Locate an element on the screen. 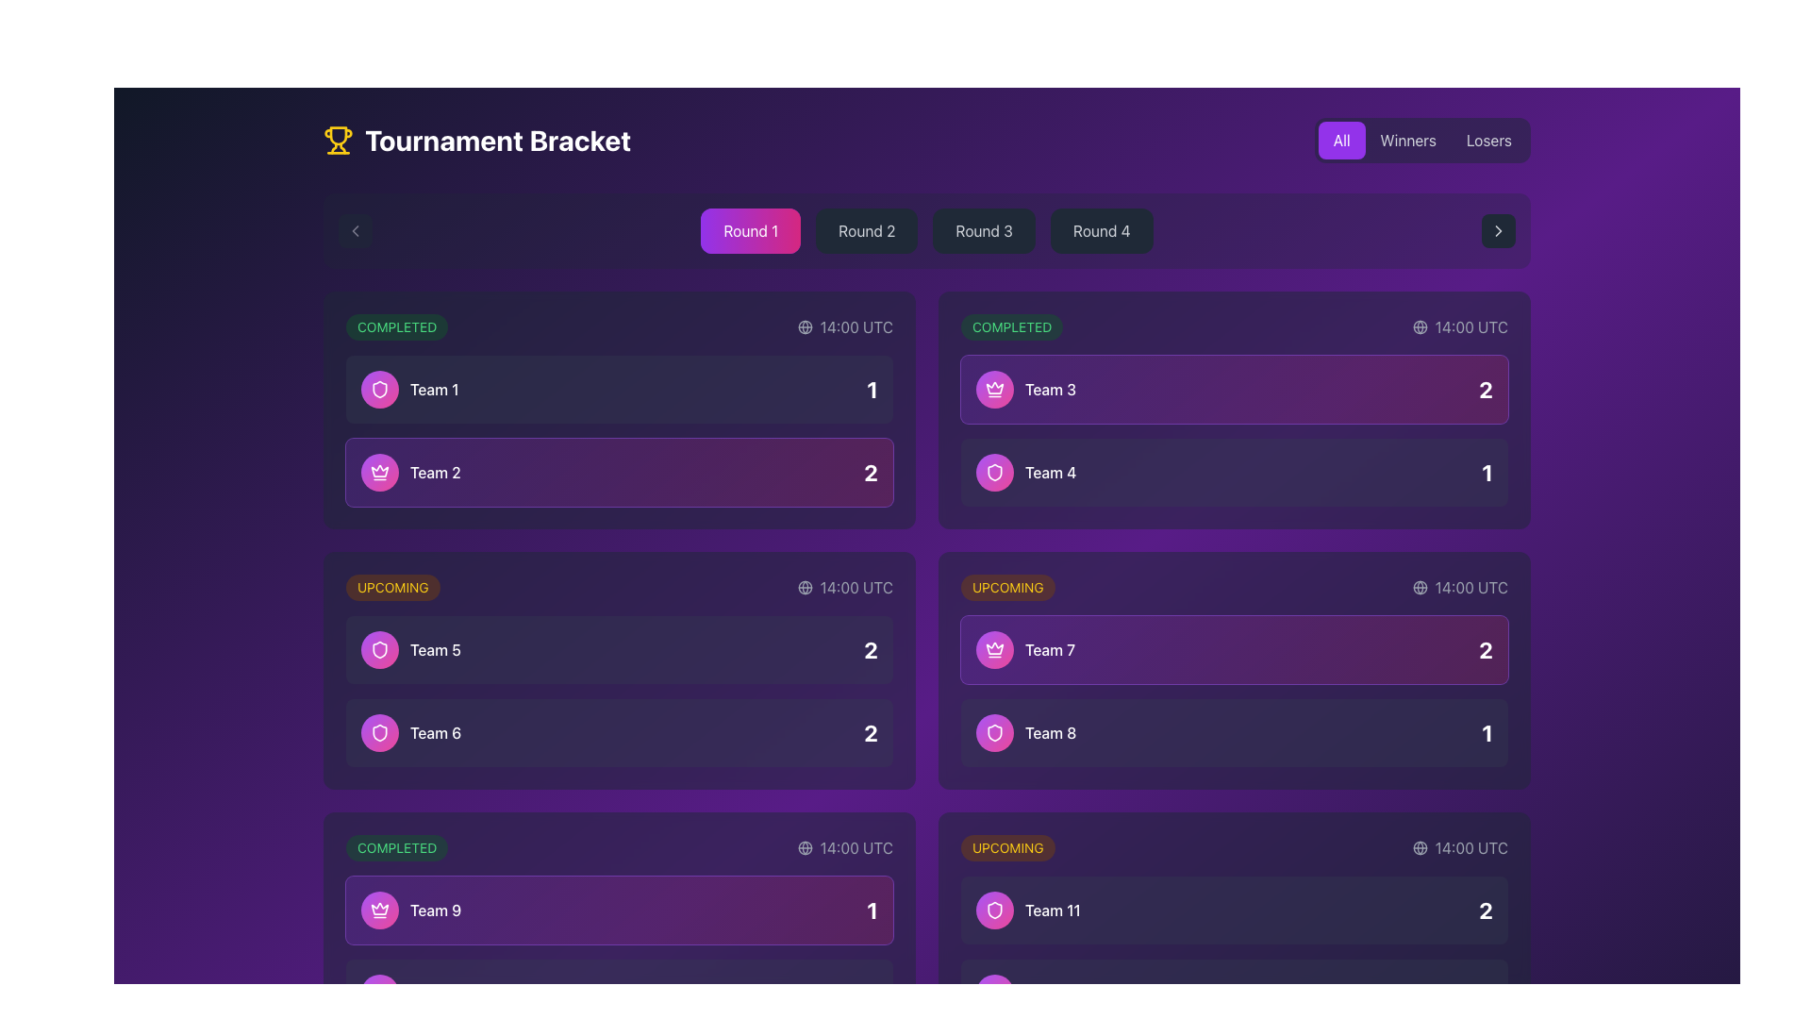 Image resolution: width=1811 pixels, height=1019 pixels. text label displaying '14:00 UTC' next to the globe icon, located on the right side of the tournament bracket interface under the 'COMPLETED' status division is located at coordinates (844, 846).